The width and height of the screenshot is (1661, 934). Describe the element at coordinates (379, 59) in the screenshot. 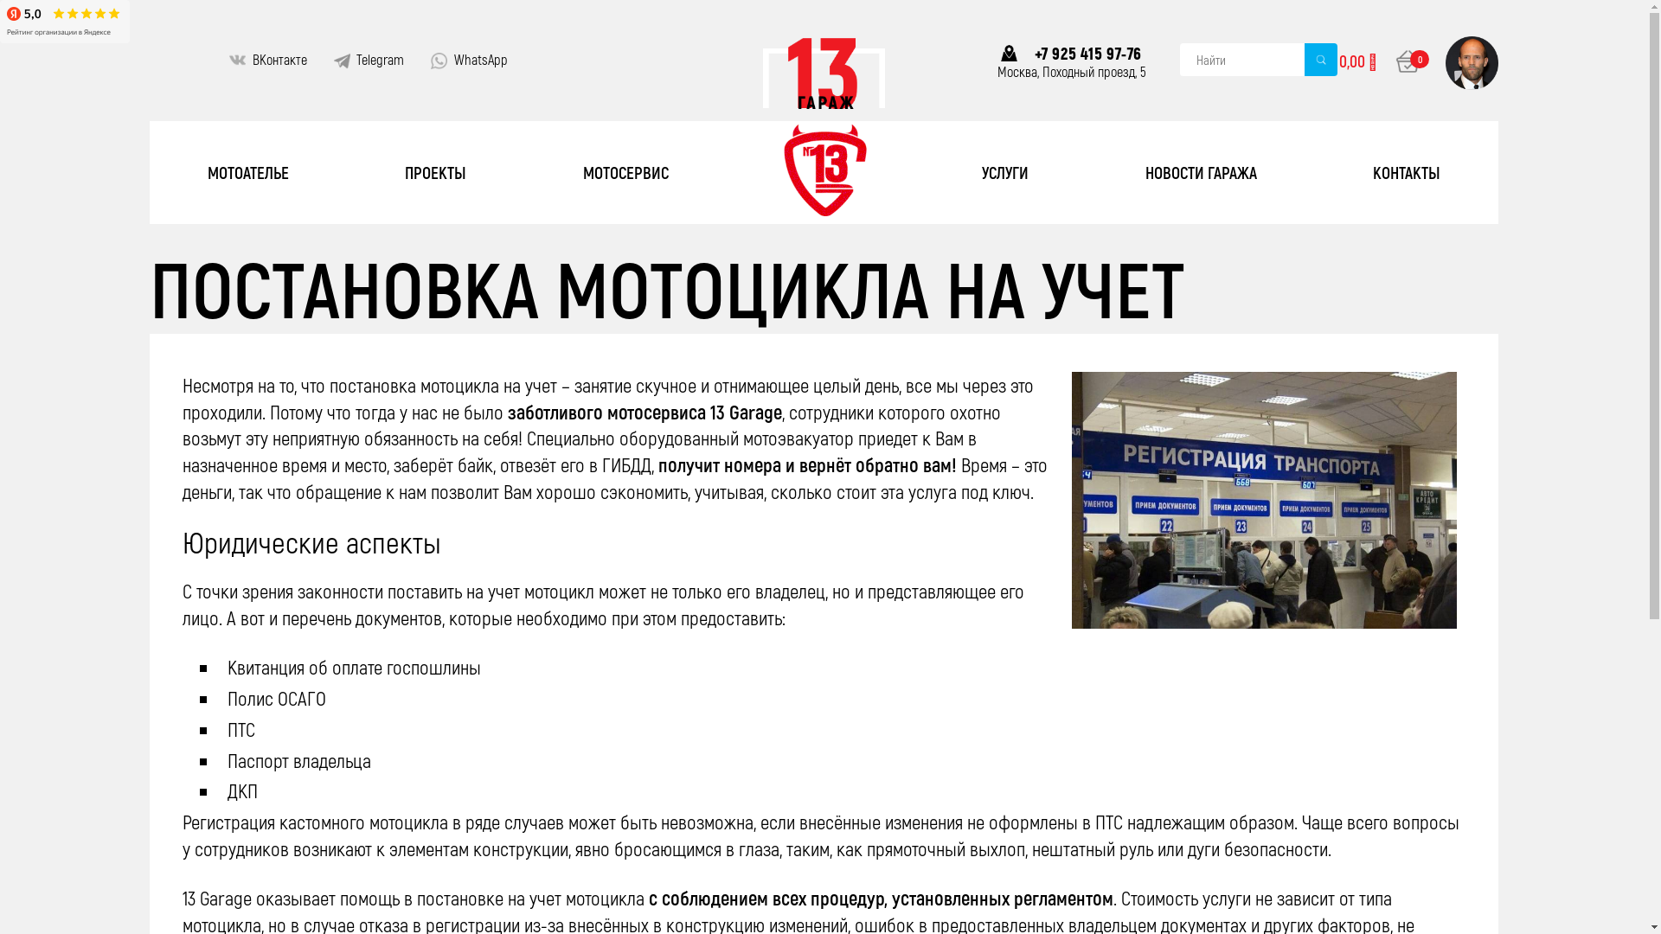

I see `'Telegram'` at that location.